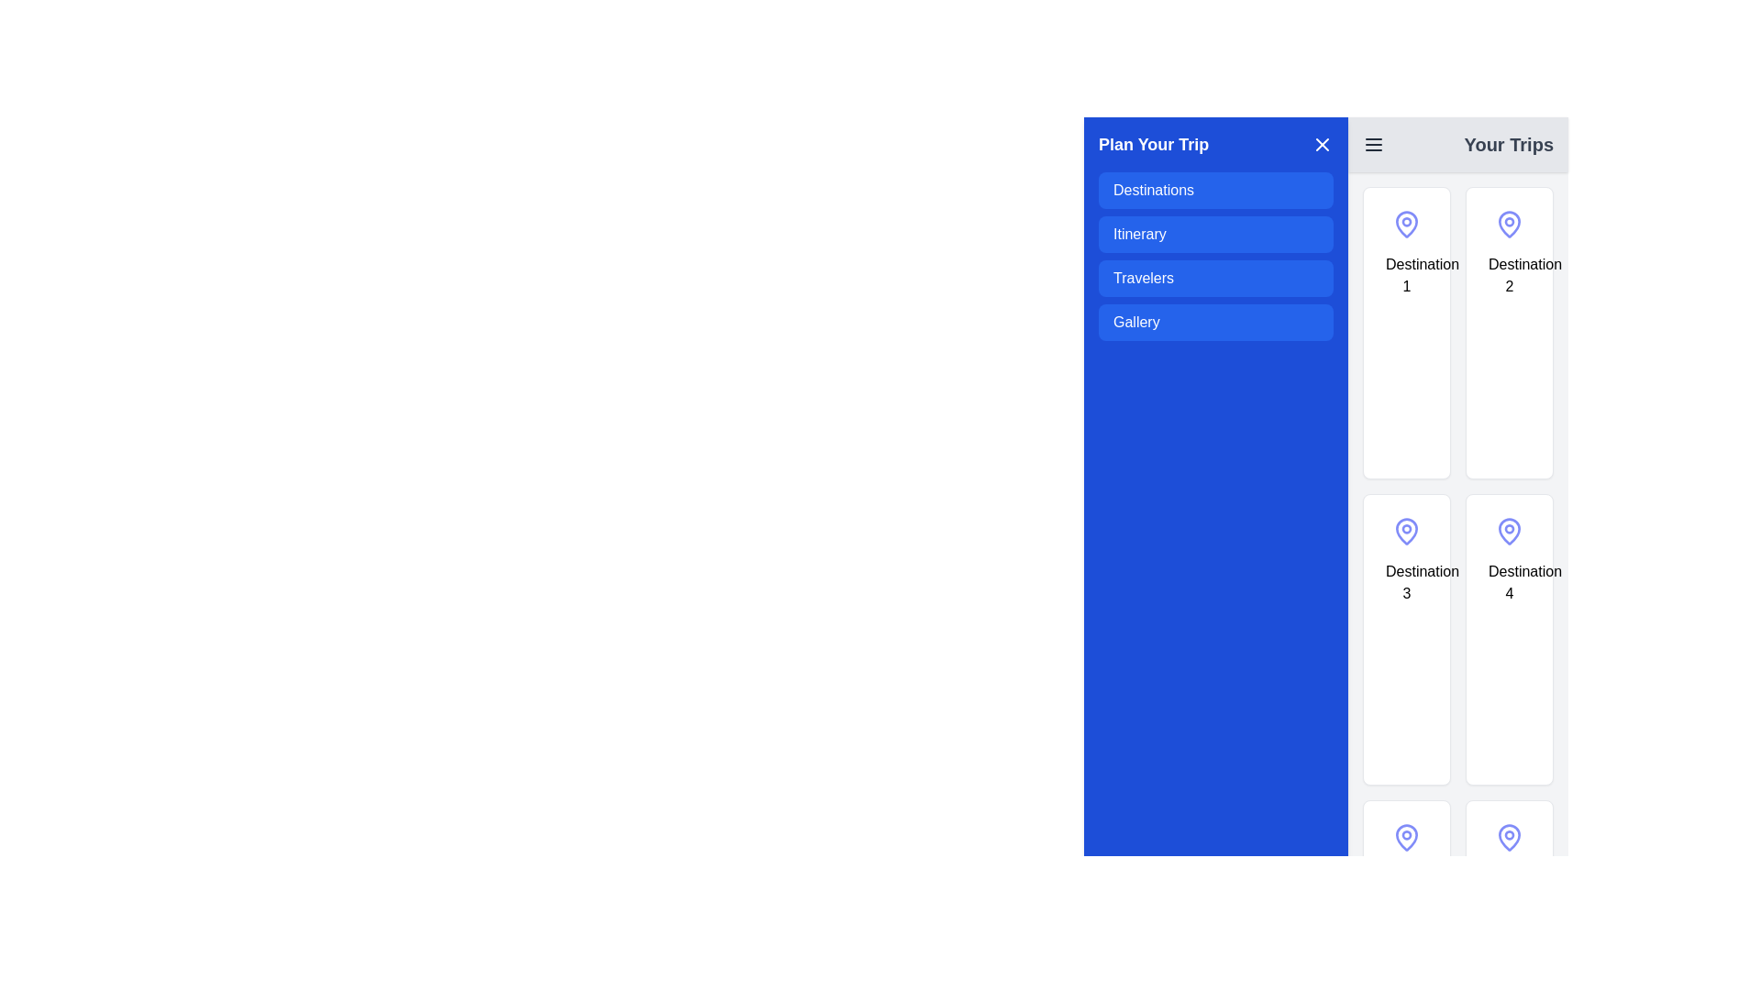 The image size is (1761, 990). Describe the element at coordinates (1406, 222) in the screenshot. I see `the pin icon representing the geographic location associated with the first destination card in the 'Your Trips' grid layout` at that location.